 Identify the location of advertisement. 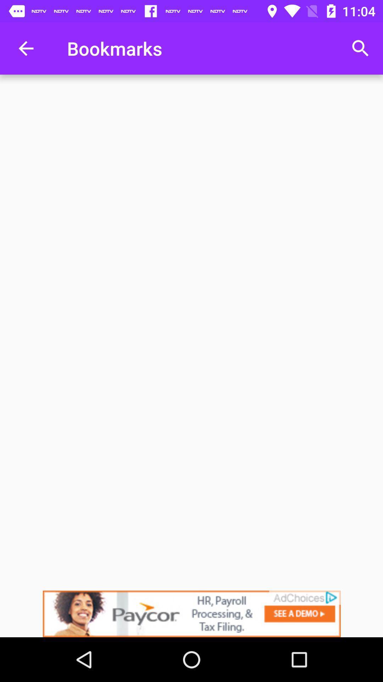
(191, 613).